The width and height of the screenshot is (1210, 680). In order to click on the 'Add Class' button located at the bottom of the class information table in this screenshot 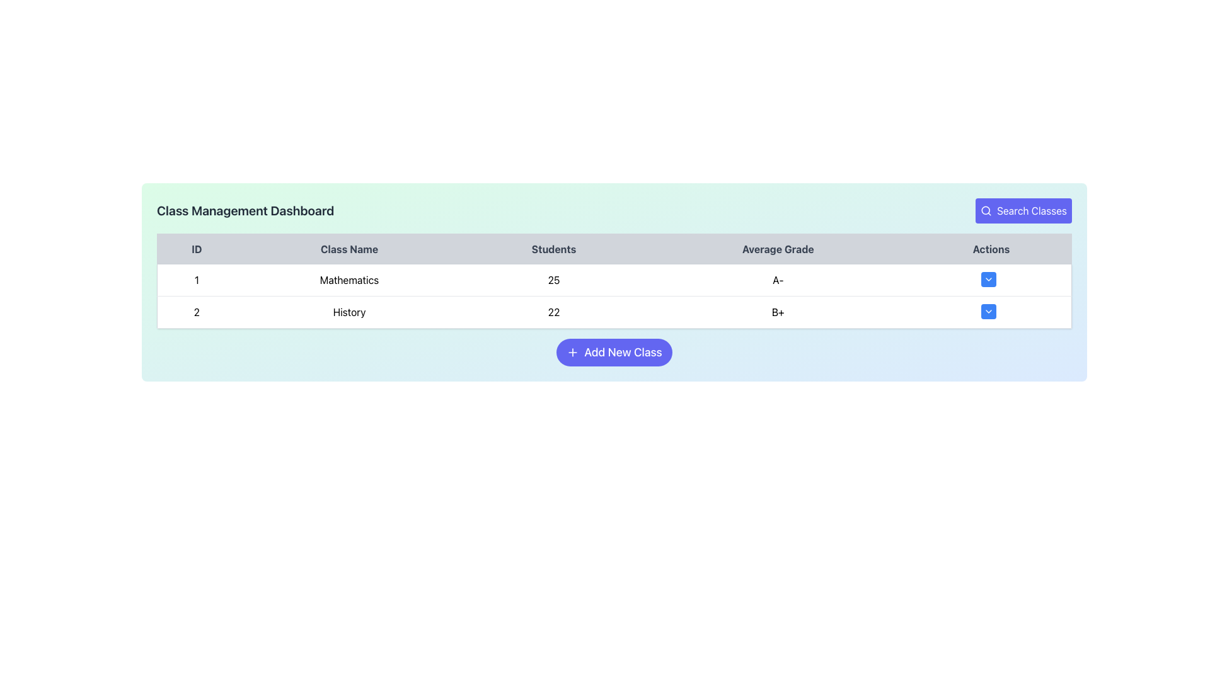, I will do `click(614, 352)`.